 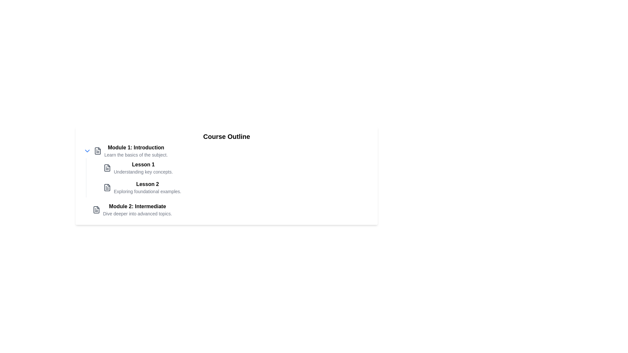 What do you see at coordinates (226, 175) in the screenshot?
I see `the center of the 'Course Outline' box, which has a white background and rounded corners, for interactions` at bounding box center [226, 175].